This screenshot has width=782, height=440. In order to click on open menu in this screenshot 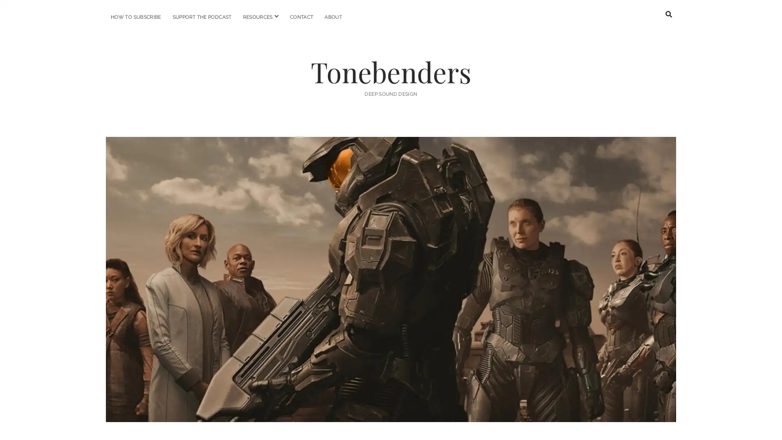, I will do `click(276, 16)`.